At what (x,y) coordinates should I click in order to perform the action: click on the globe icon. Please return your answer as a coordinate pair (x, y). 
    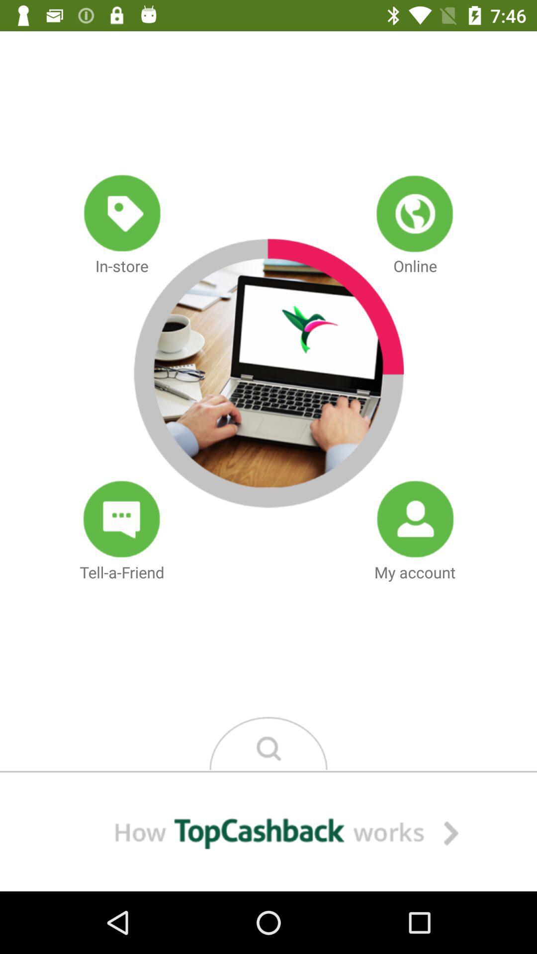
    Looking at the image, I should click on (415, 213).